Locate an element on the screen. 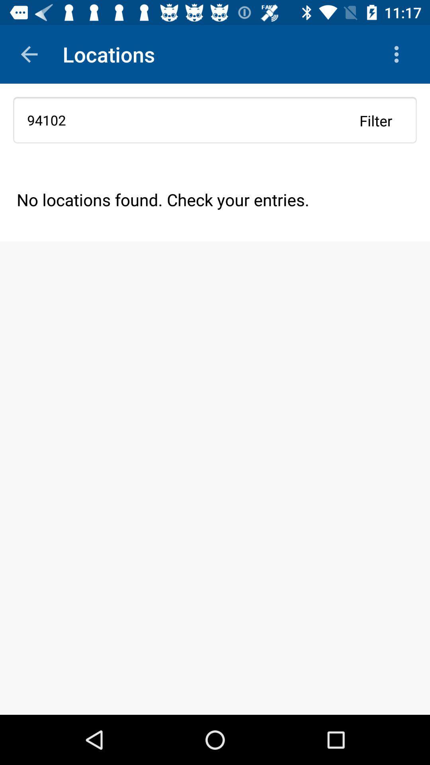  the item next to the locations is located at coordinates (399, 54).